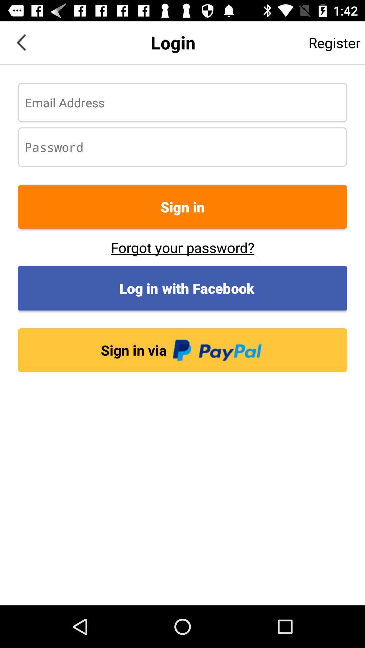 The width and height of the screenshot is (365, 648). What do you see at coordinates (182, 247) in the screenshot?
I see `the forgot your password? item` at bounding box center [182, 247].